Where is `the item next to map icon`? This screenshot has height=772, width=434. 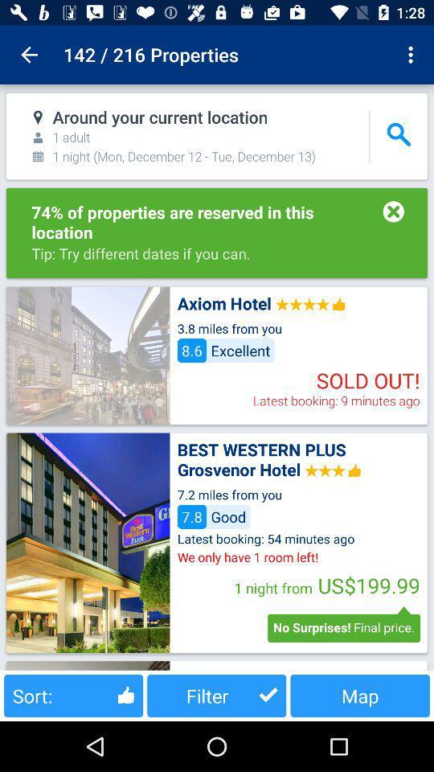
the item next to map icon is located at coordinates (216, 695).